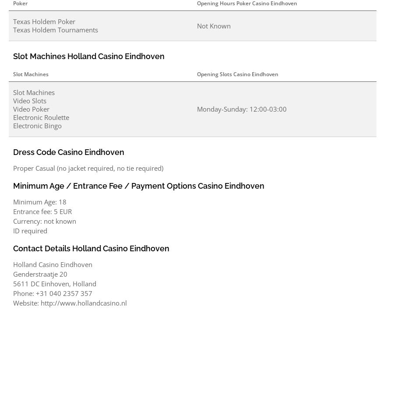 The height and width of the screenshot is (401, 394). I want to click on 'Website: http://www.hollandcasino.nl', so click(70, 303).